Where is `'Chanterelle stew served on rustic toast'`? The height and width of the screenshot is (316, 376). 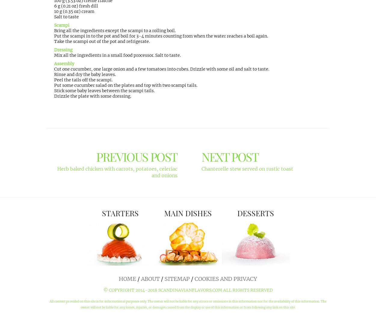
'Chanterelle stew served on rustic toast' is located at coordinates (247, 169).